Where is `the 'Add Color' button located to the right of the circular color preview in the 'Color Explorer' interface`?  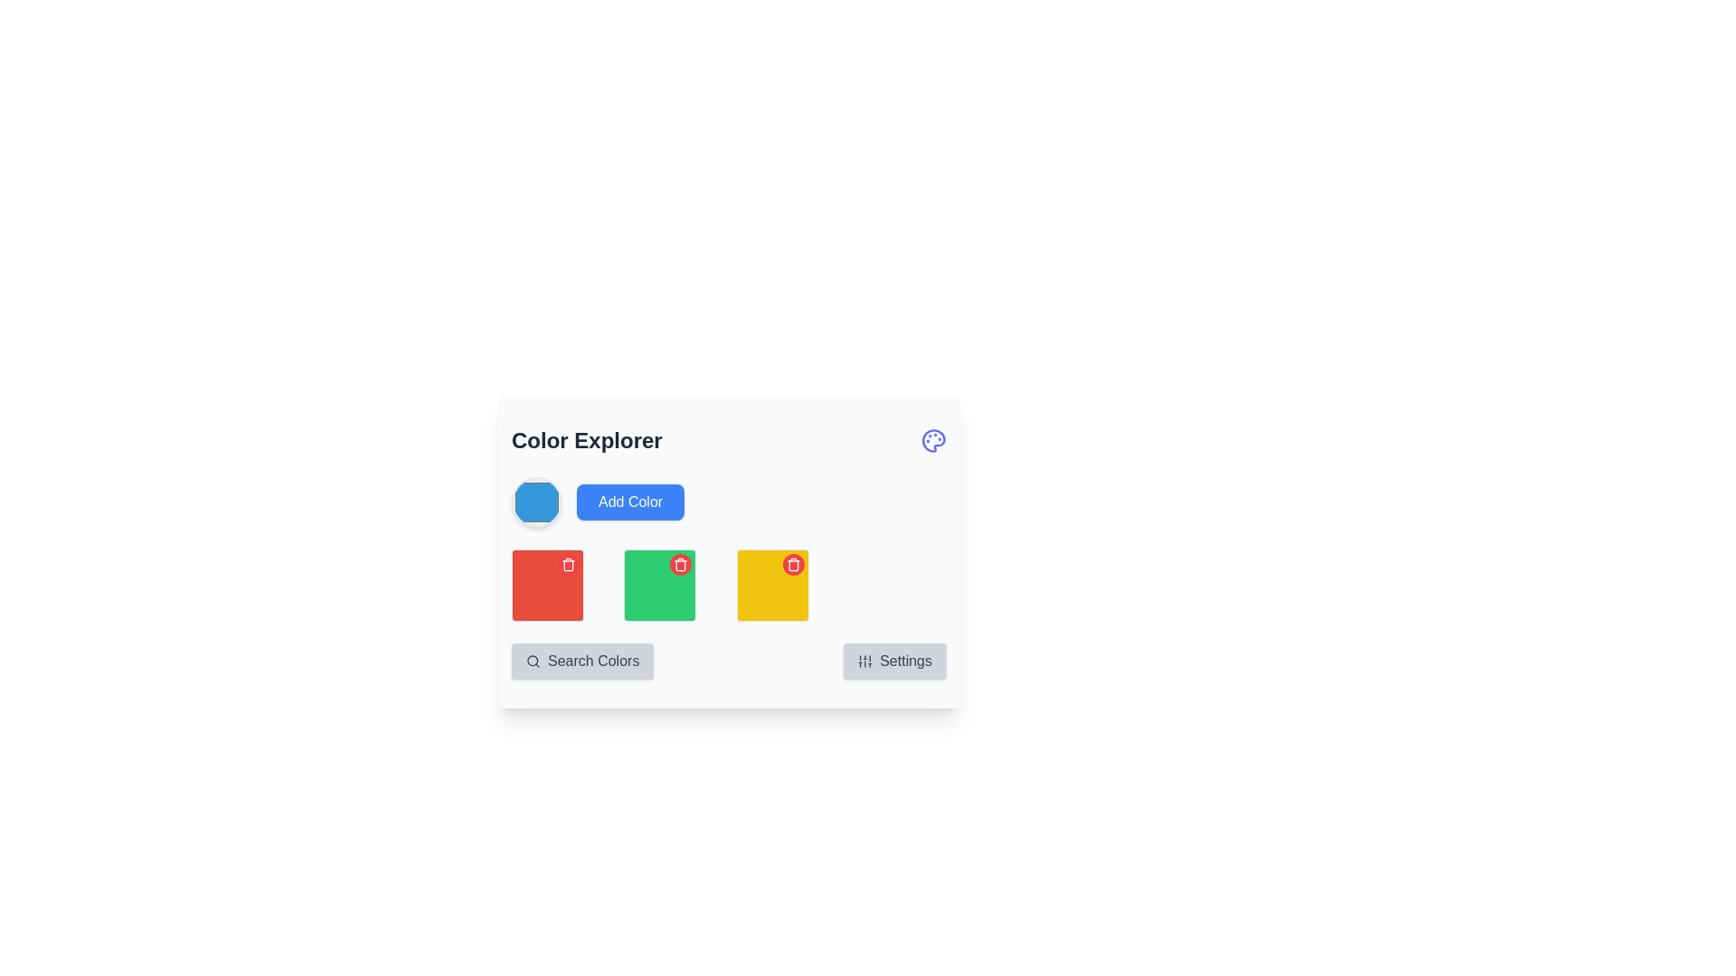 the 'Add Color' button located to the right of the circular color preview in the 'Color Explorer' interface is located at coordinates (630, 502).